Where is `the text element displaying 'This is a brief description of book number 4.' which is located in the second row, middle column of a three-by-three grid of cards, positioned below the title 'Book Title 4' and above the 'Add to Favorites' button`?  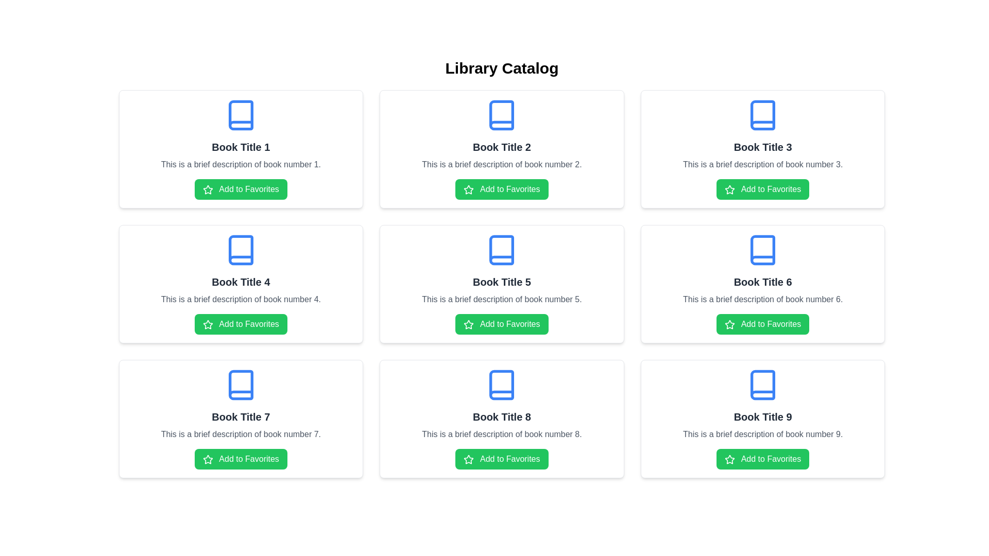 the text element displaying 'This is a brief description of book number 4.' which is located in the second row, middle column of a three-by-three grid of cards, positioned below the title 'Book Title 4' and above the 'Add to Favorites' button is located at coordinates (240, 300).